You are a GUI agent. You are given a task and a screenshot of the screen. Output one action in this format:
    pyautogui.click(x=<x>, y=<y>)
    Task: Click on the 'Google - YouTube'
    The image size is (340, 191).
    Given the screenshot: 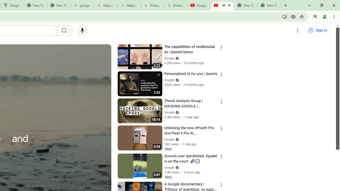 What is the action you would take?
    pyautogui.click(x=199, y=5)
    